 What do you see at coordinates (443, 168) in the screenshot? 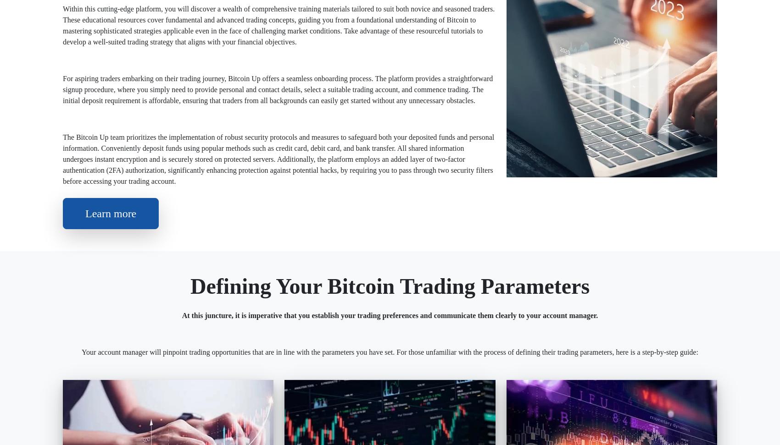
I see `'PayPal, Skrill, Neteller, UnionPay, Webmoney, Yandex, Visa, Mastercard, AMEX, Diners Club'` at bounding box center [443, 168].